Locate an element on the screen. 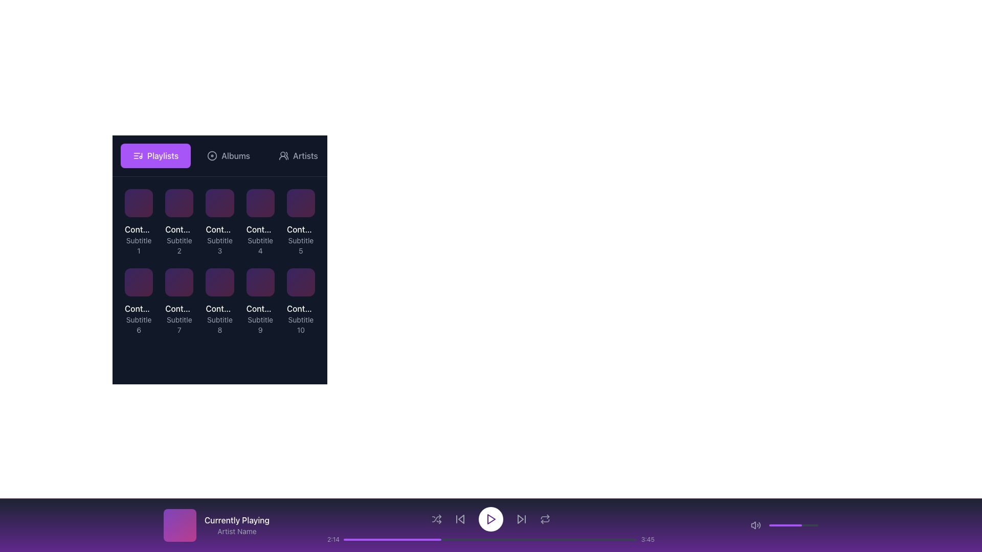 This screenshot has height=552, width=982. the playback position is located at coordinates (362, 539).